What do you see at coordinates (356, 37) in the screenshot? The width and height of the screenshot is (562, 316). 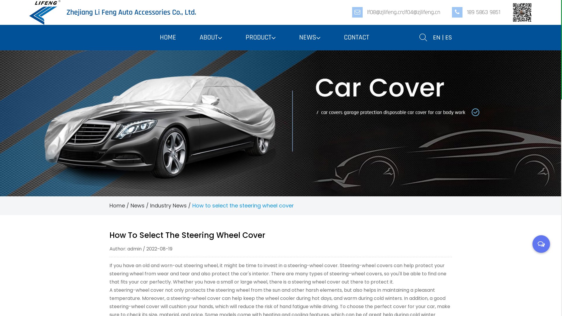 I see `'CONTACT'` at bounding box center [356, 37].